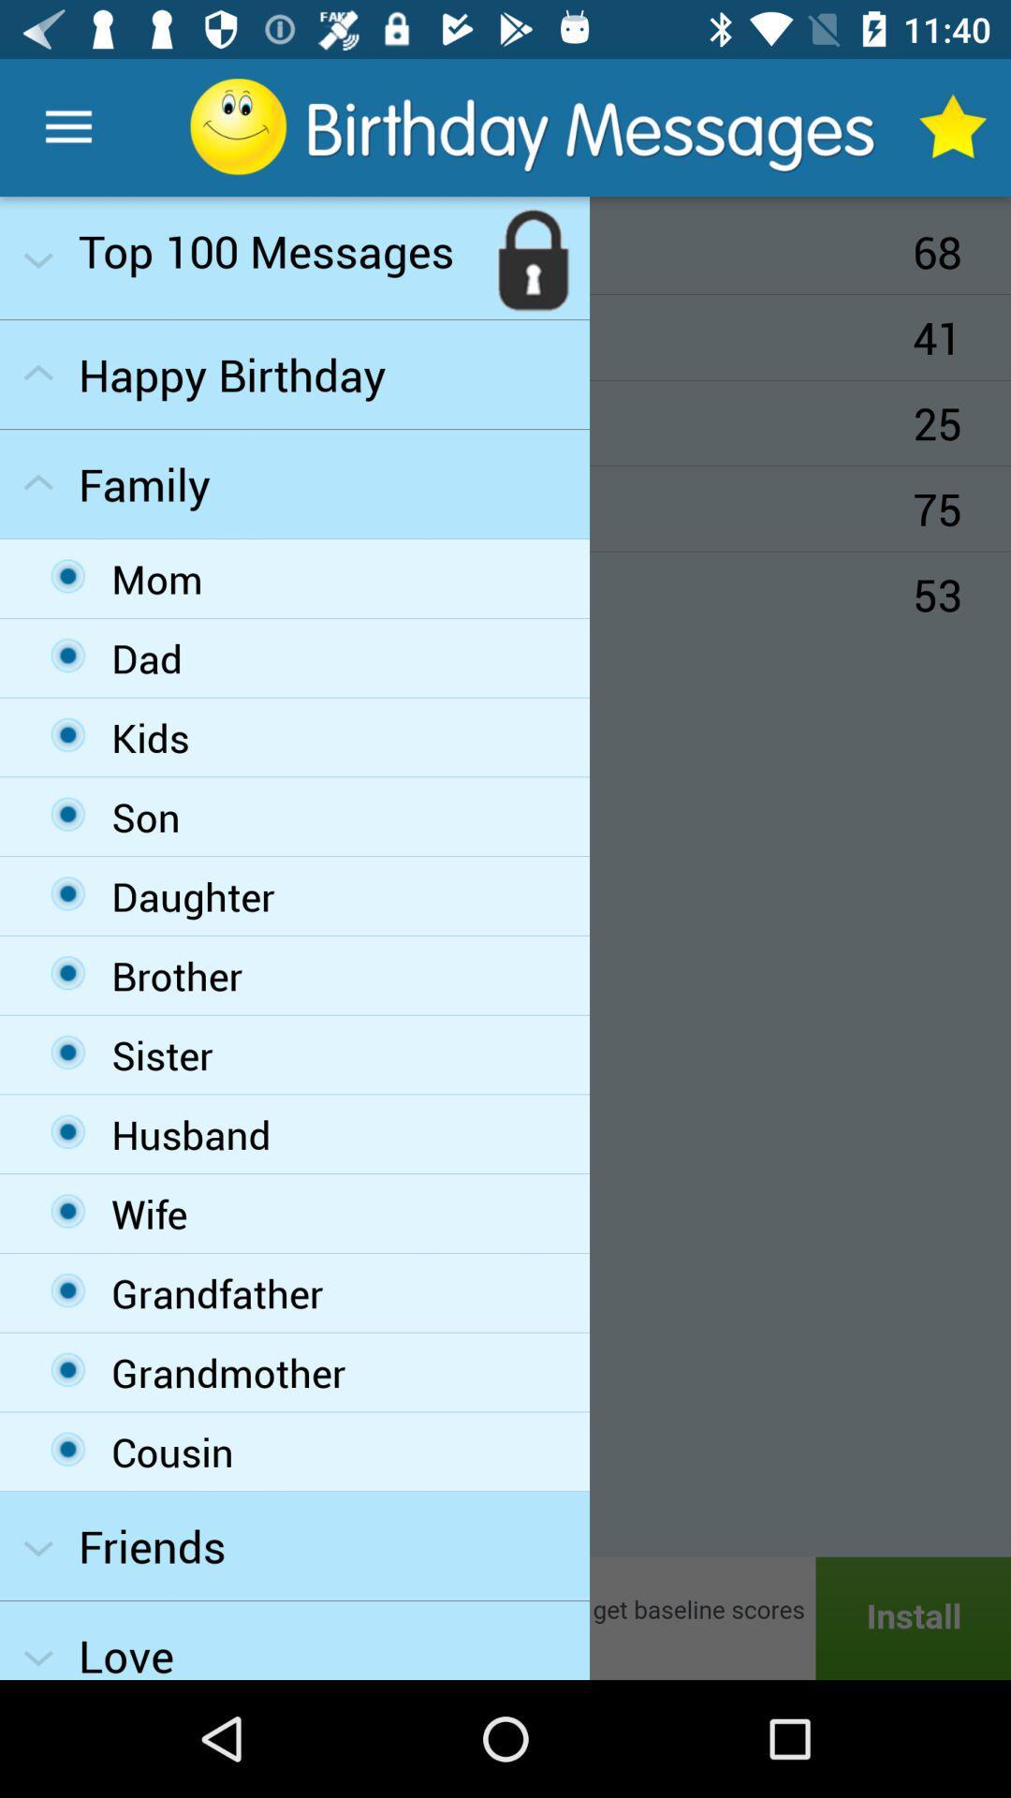 This screenshot has height=1798, width=1011. What do you see at coordinates (67, 575) in the screenshot?
I see `the first option under the family dropdown` at bounding box center [67, 575].